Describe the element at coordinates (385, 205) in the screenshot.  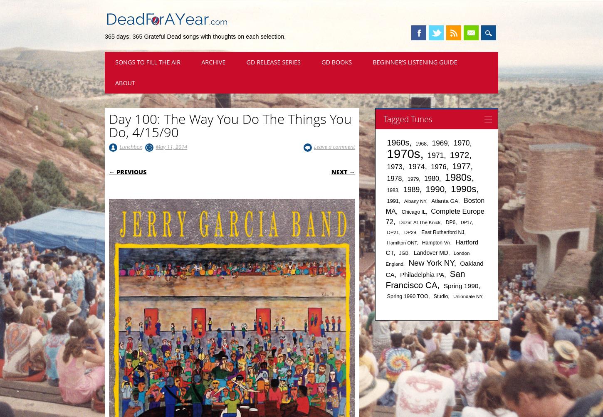
I see `'Boston MA'` at that location.